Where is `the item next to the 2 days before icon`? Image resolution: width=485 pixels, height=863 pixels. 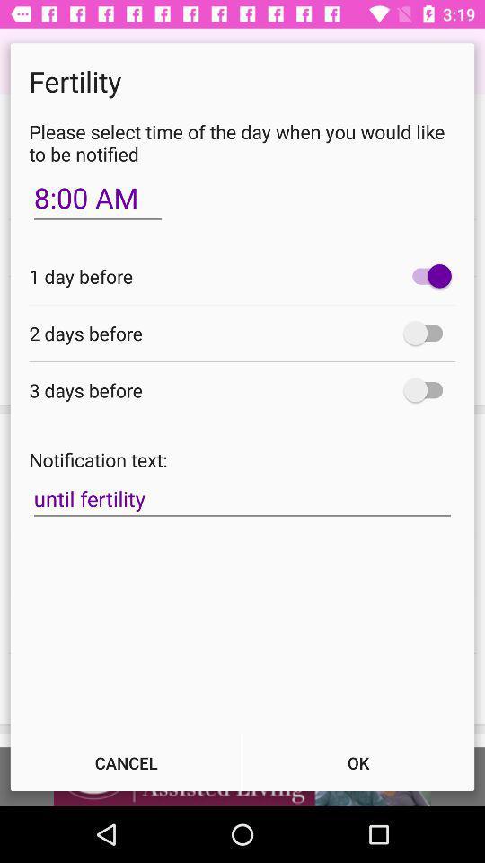
the item next to the 2 days before icon is located at coordinates (427, 332).